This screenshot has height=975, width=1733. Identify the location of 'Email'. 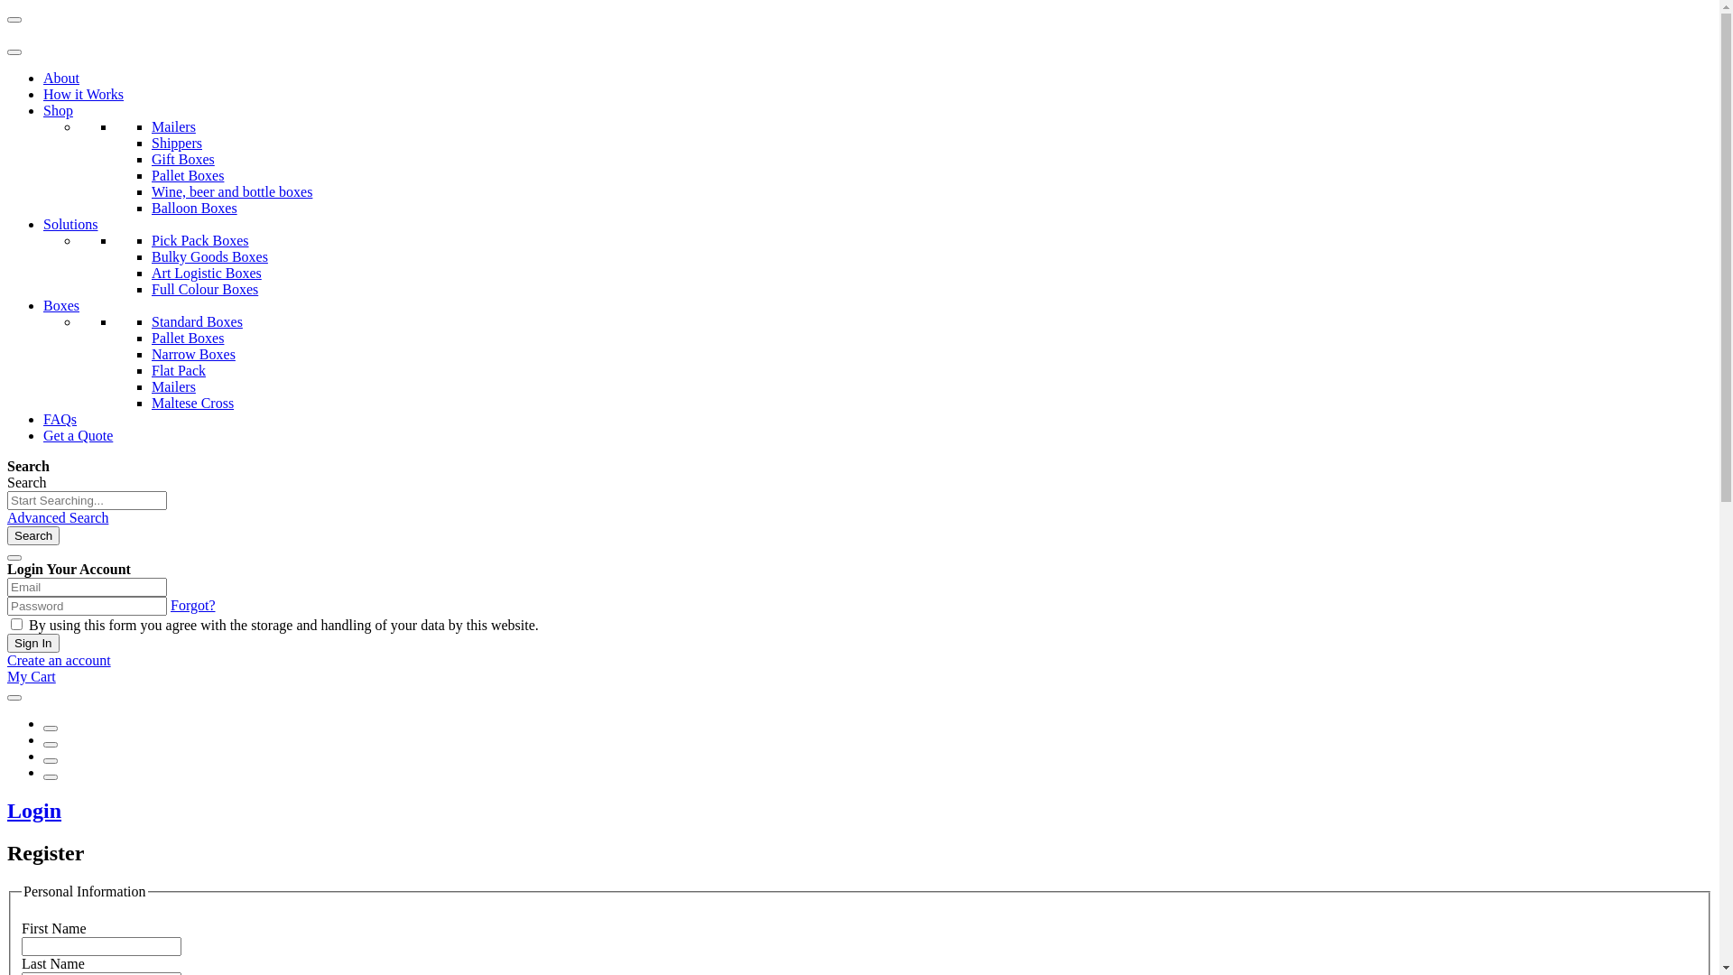
(86, 587).